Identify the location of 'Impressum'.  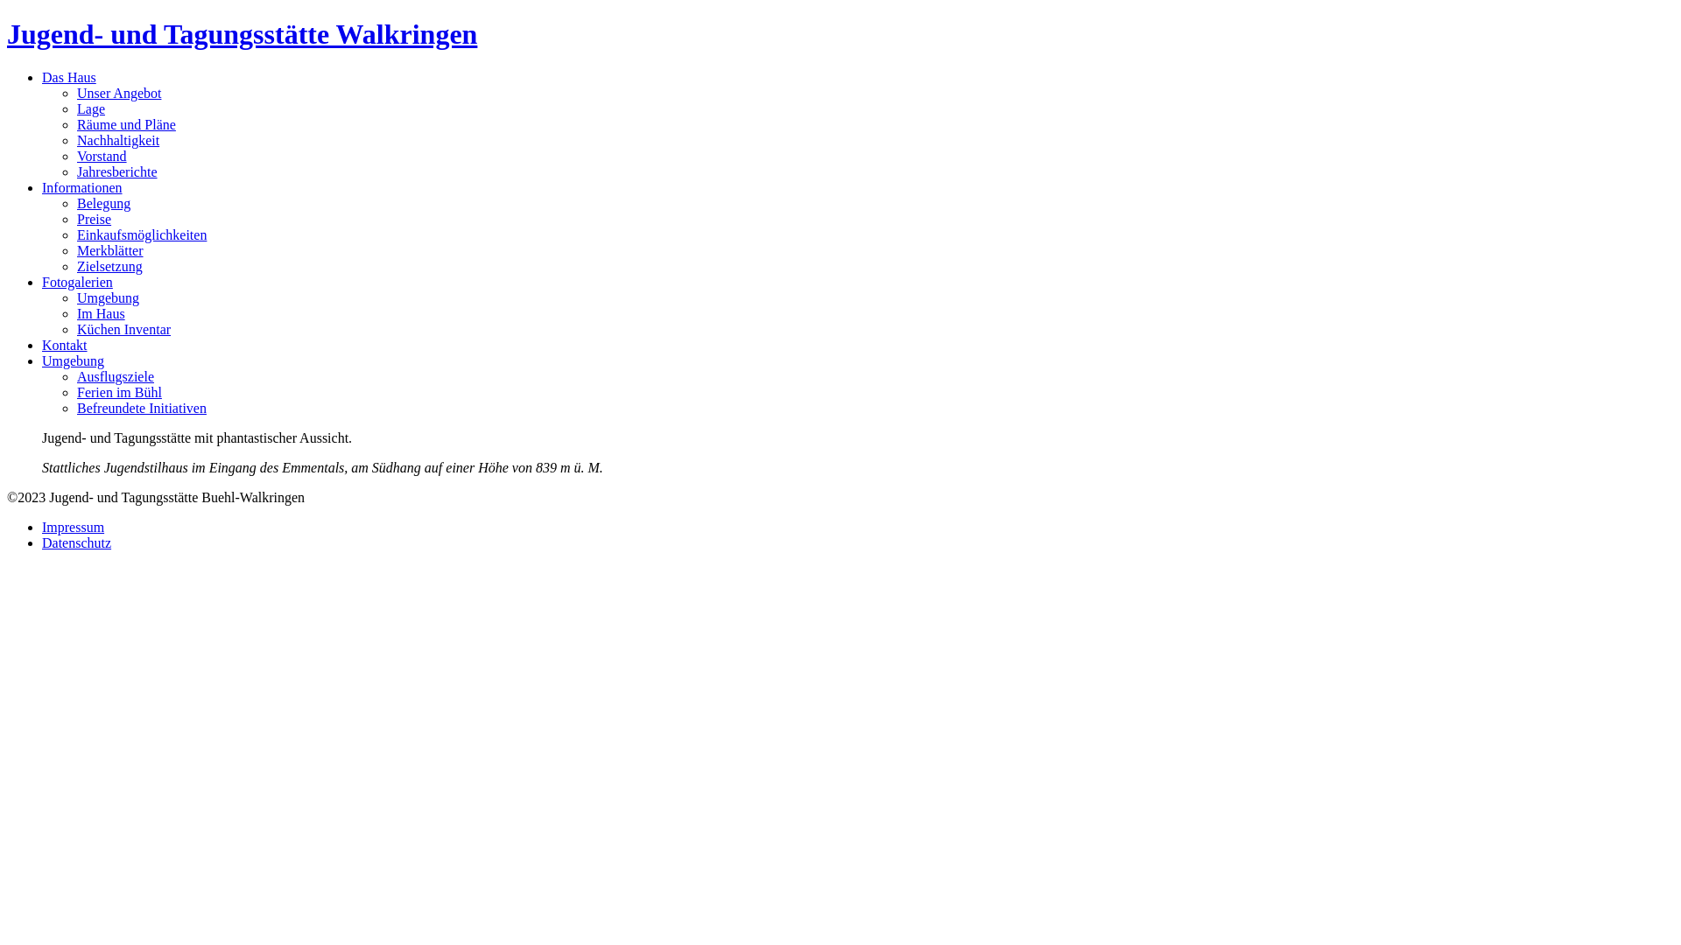
(72, 526).